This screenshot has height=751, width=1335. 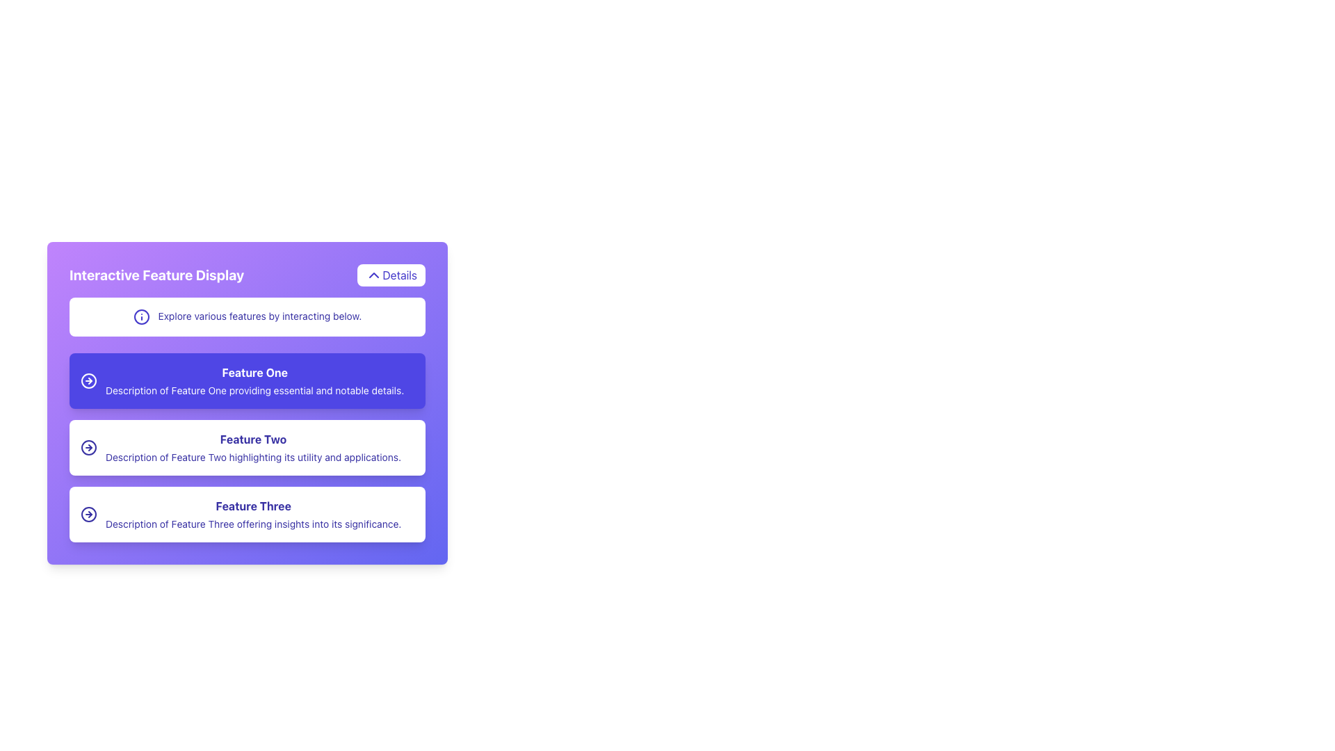 What do you see at coordinates (141, 316) in the screenshot?
I see `the SVG Circle element representing information or system status, located on the left side of the text line that reads 'Explore various features by interacting below.'` at bounding box center [141, 316].